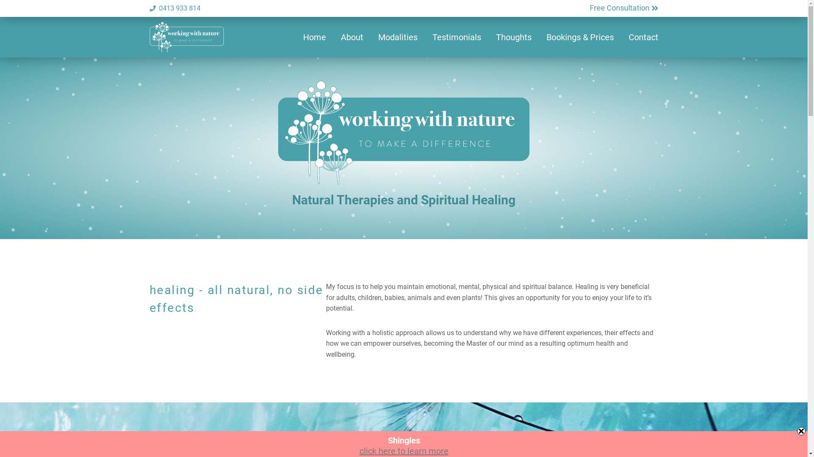  Describe the element at coordinates (496, 37) in the screenshot. I see `'Thoughts'` at that location.